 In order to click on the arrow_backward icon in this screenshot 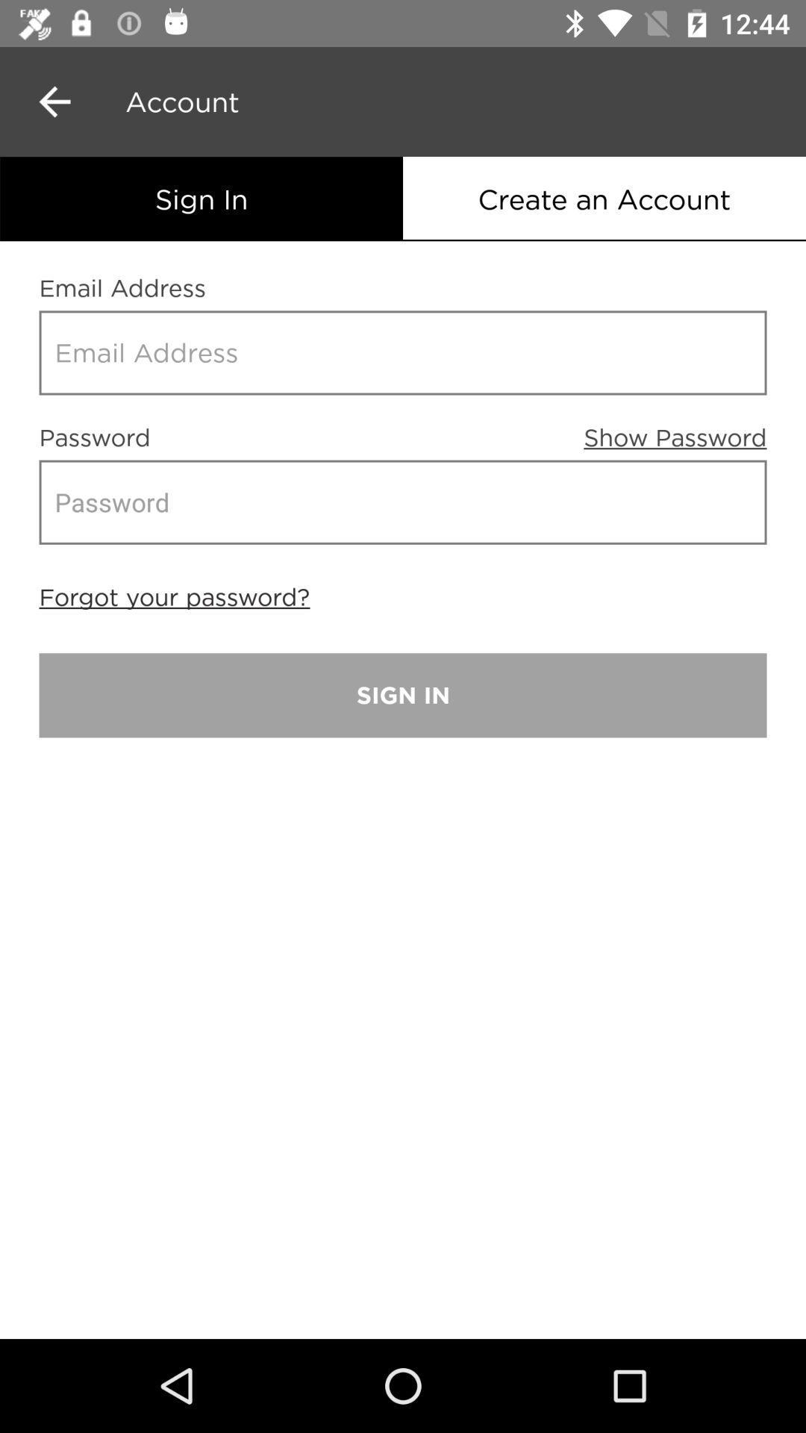, I will do `click(54, 101)`.